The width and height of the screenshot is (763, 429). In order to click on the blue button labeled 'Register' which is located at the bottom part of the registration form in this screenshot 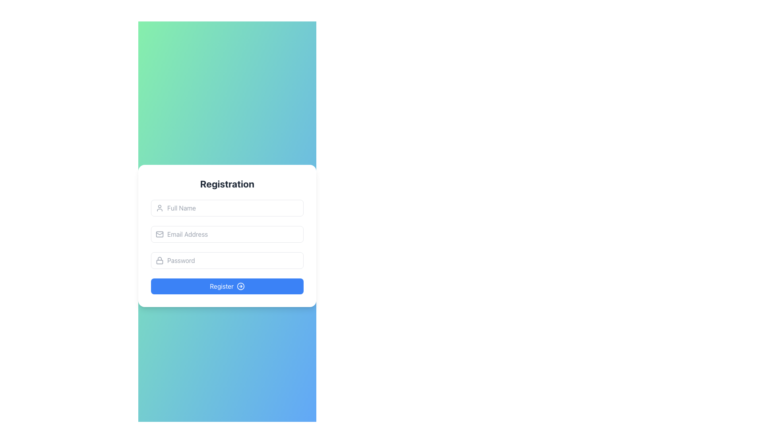, I will do `click(221, 286)`.